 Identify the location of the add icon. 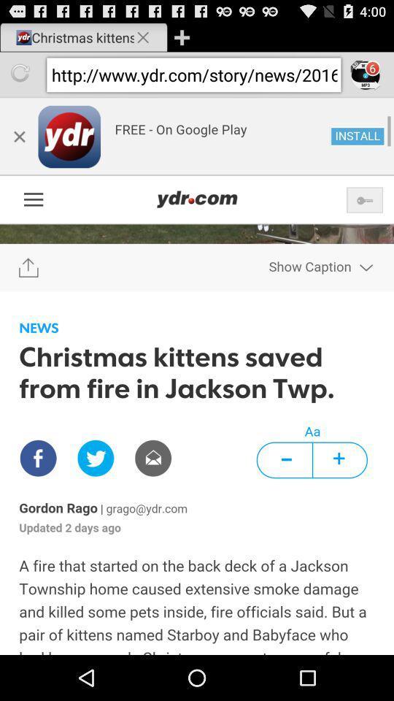
(182, 39).